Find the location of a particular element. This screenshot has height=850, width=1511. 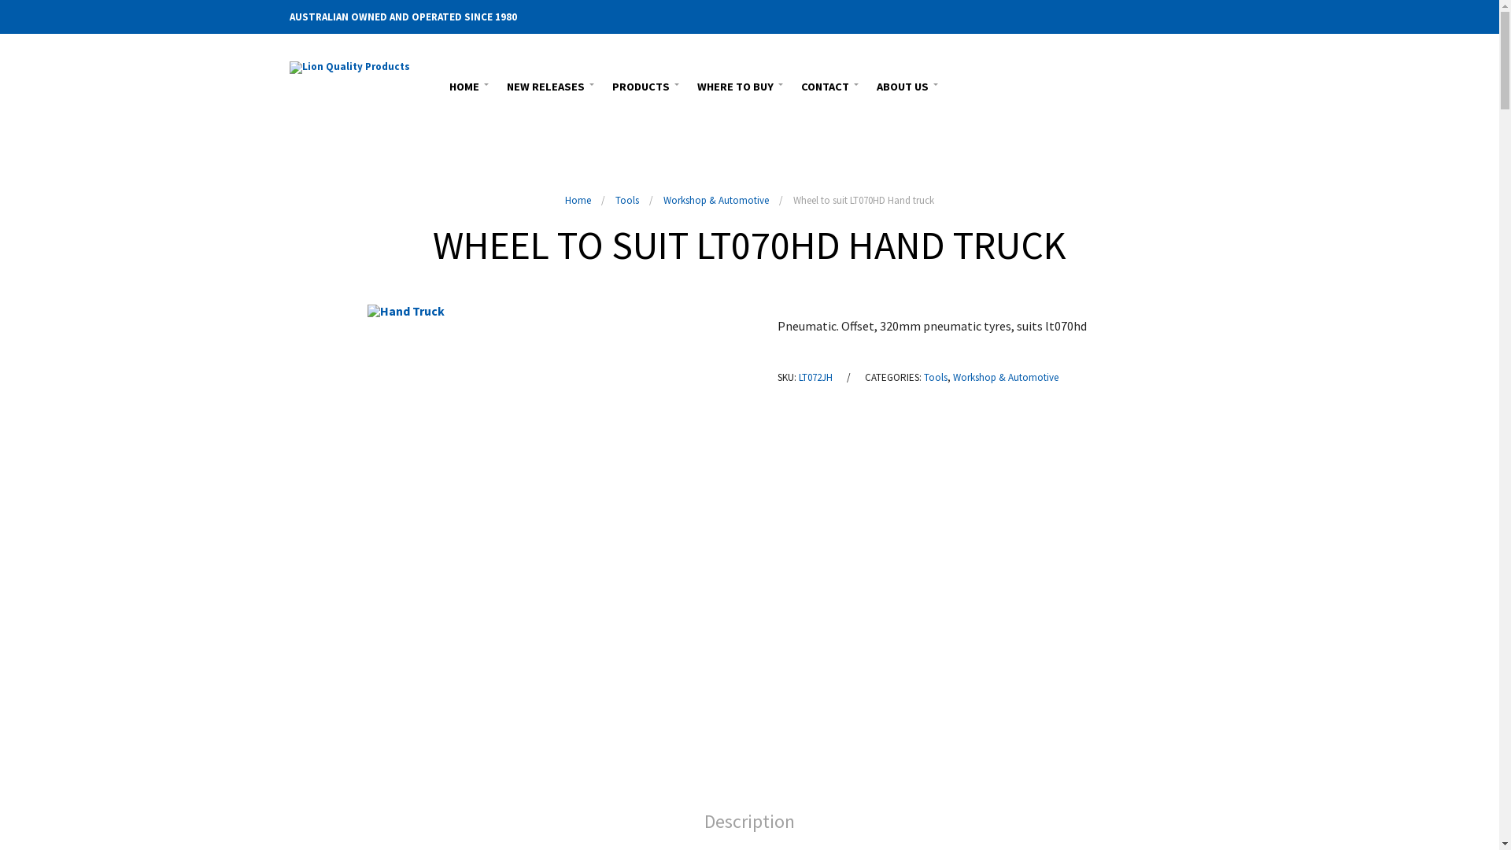

'CONTACT' is located at coordinates (826, 84).